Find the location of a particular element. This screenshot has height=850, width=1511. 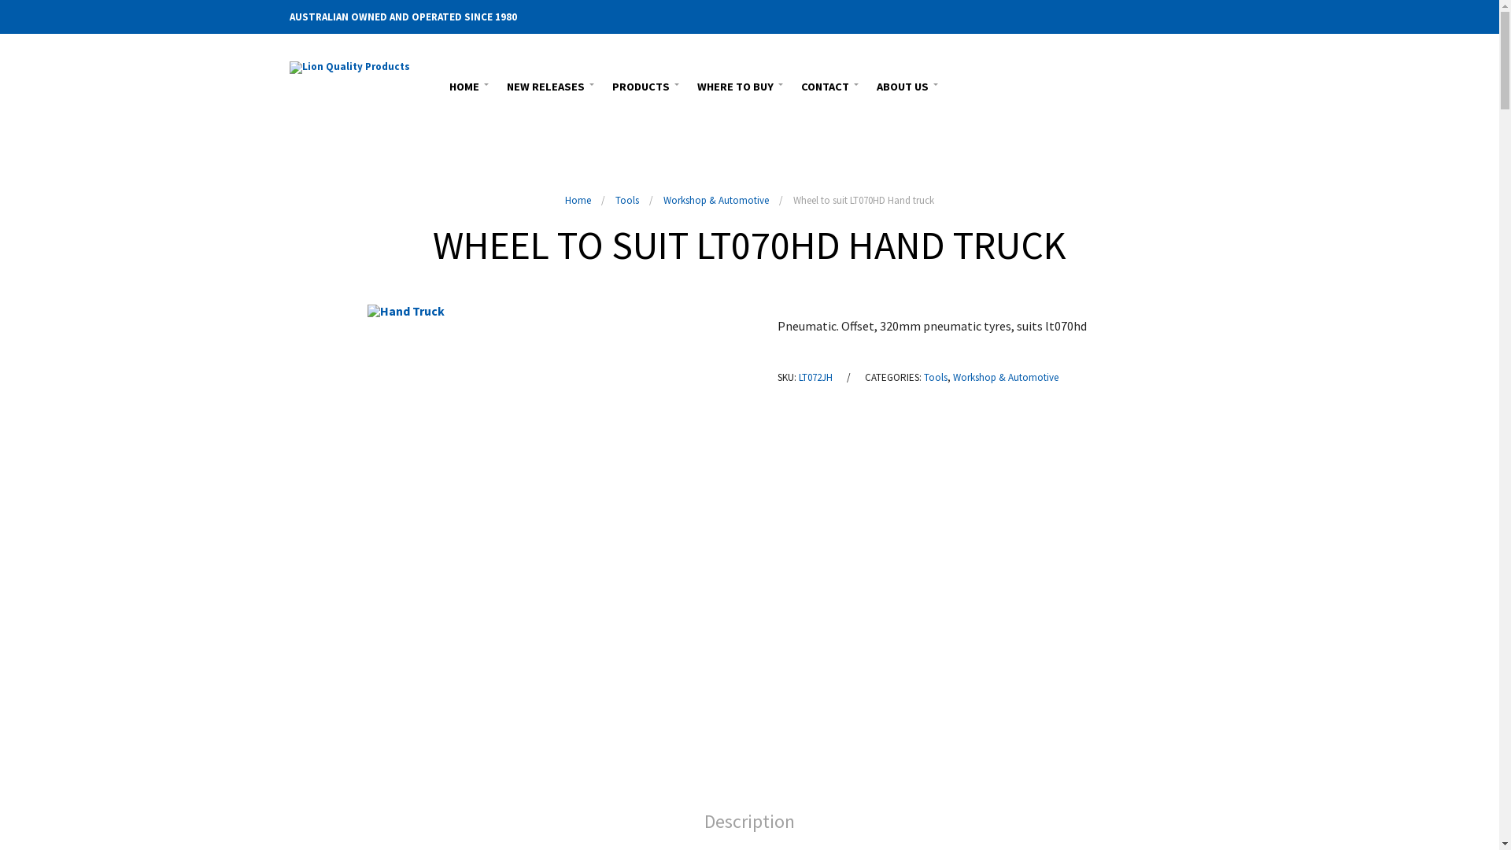

'CONTACT' is located at coordinates (826, 84).